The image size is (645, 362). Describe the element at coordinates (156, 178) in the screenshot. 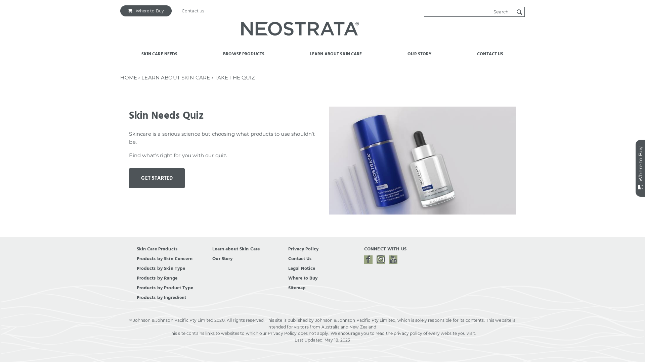

I see `'GET STARTED'` at that location.